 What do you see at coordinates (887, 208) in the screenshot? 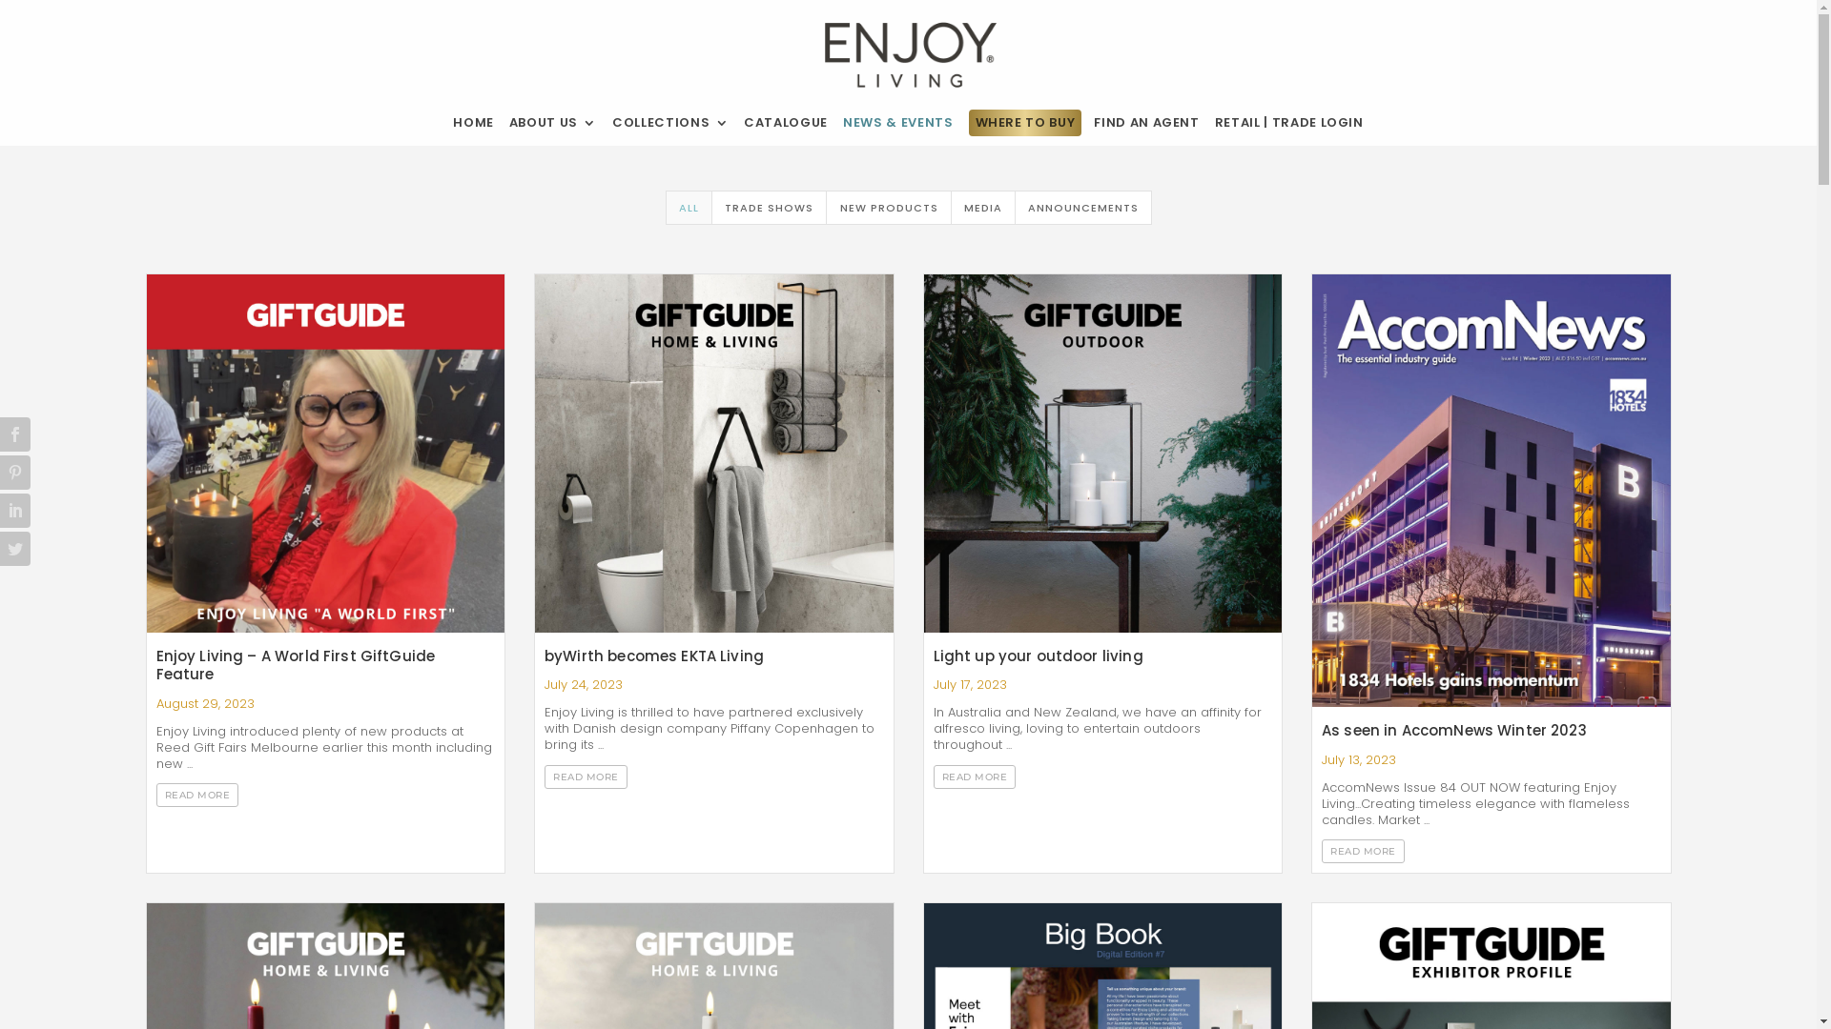
I see `'NEW PRODUCTS'` at bounding box center [887, 208].